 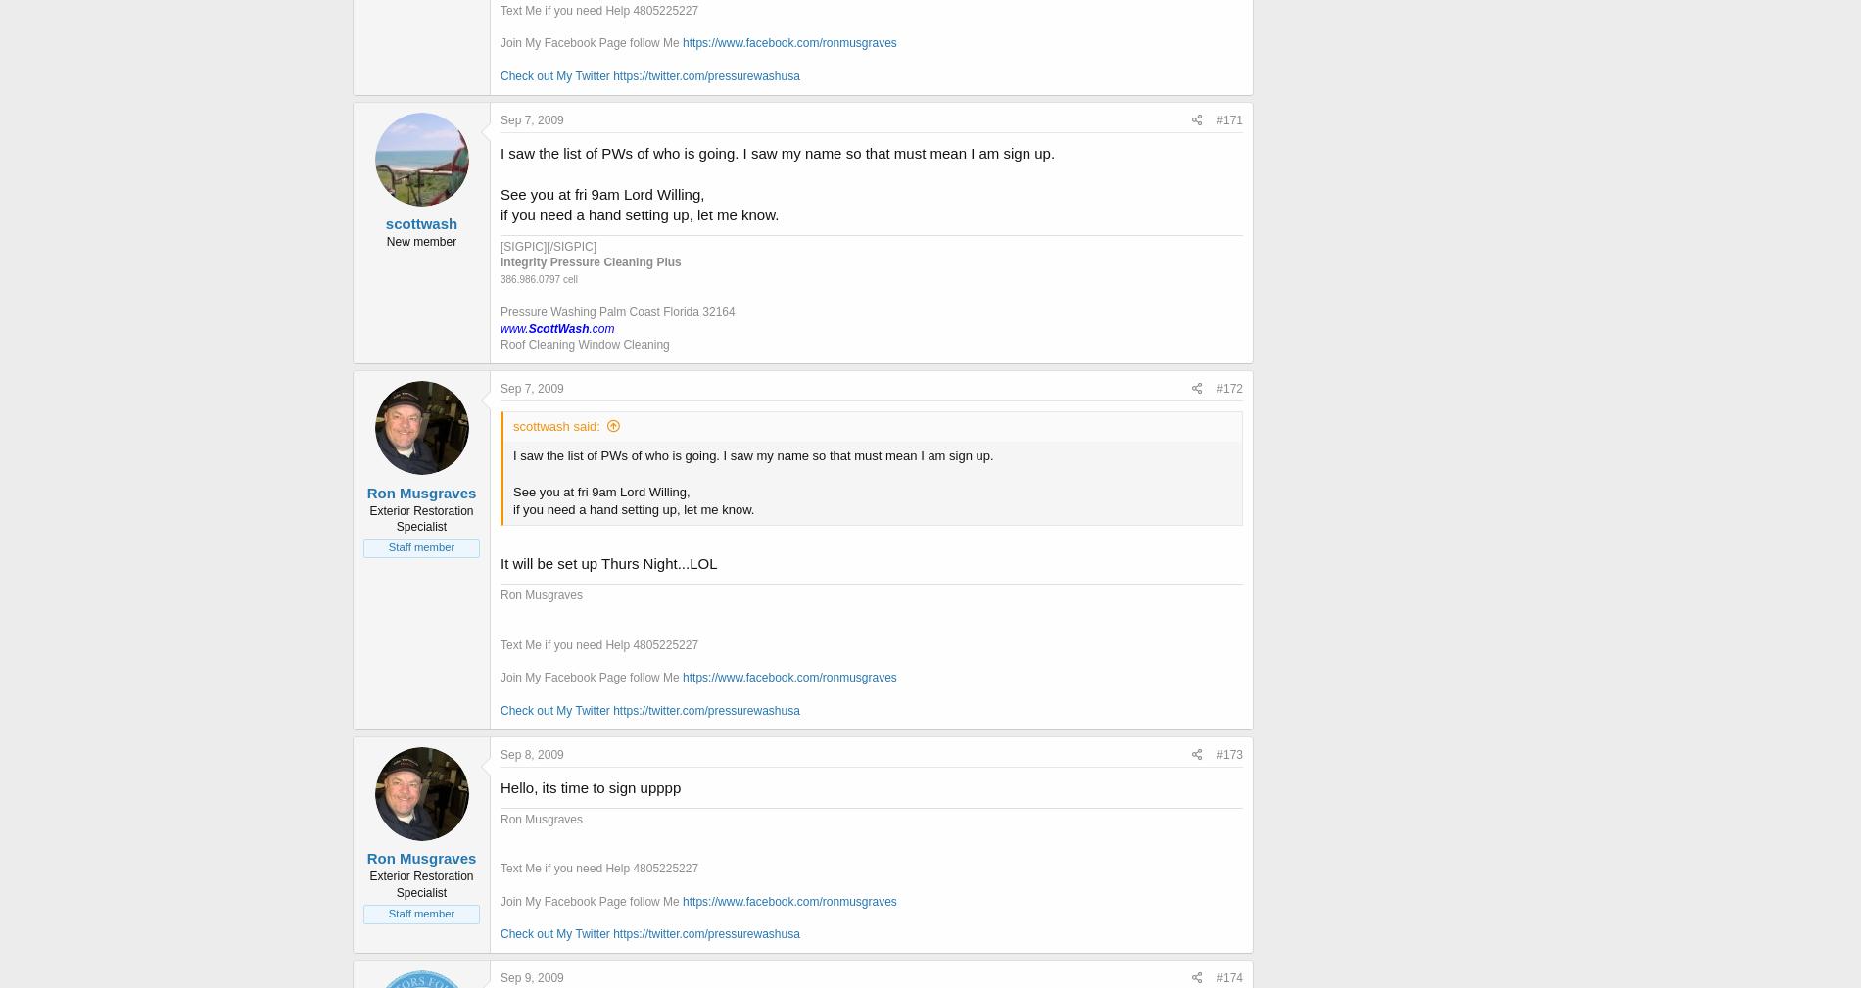 What do you see at coordinates (591, 260) in the screenshot?
I see `'Integrity Pressure Cleaning Plus'` at bounding box center [591, 260].